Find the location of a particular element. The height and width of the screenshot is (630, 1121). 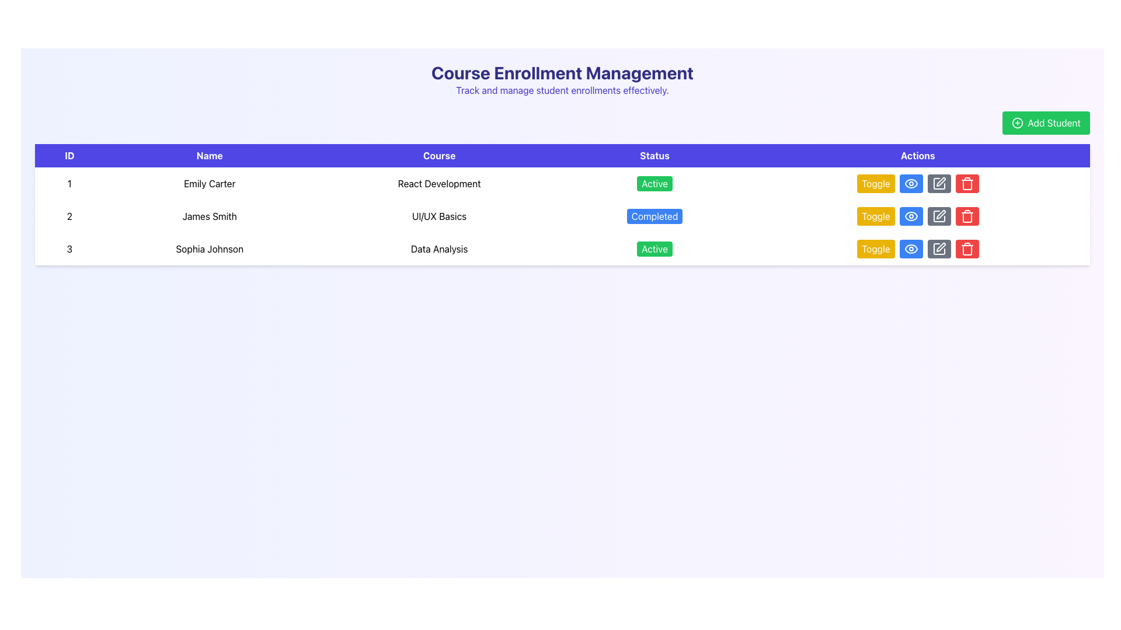

the static text label displaying 'James Smith', which is the second item in the 'Name' column of the table layout is located at coordinates (210, 216).